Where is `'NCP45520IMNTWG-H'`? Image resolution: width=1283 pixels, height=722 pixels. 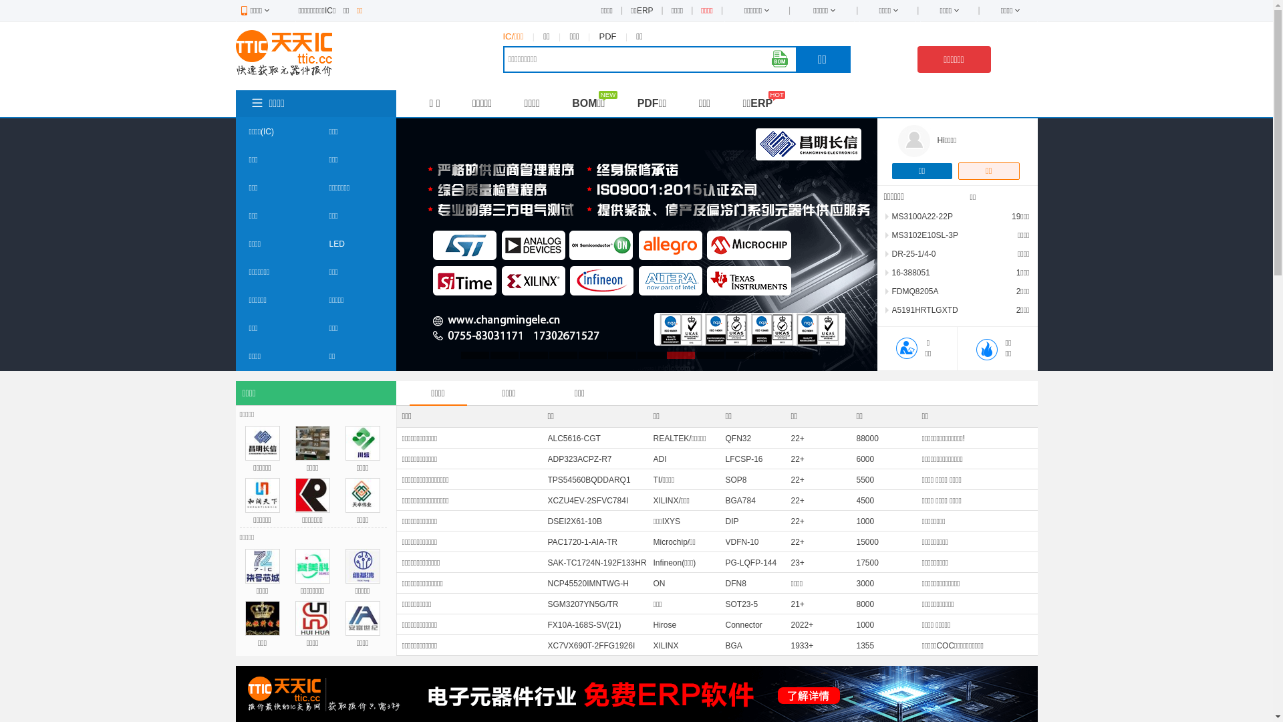
'NCP45520IMNTWG-H' is located at coordinates (588, 582).